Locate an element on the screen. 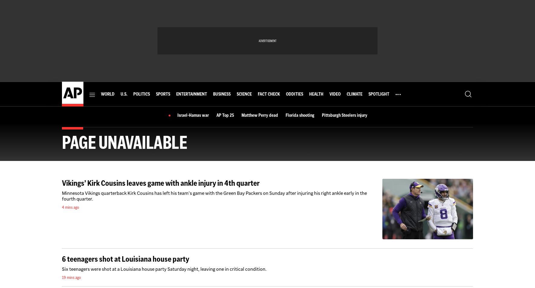 The width and height of the screenshot is (535, 288). 'Business' is located at coordinates (221, 94).